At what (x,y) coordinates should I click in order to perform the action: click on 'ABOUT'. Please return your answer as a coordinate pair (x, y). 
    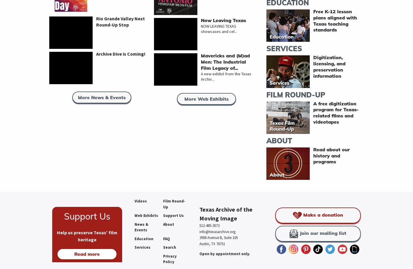
    Looking at the image, I should click on (279, 140).